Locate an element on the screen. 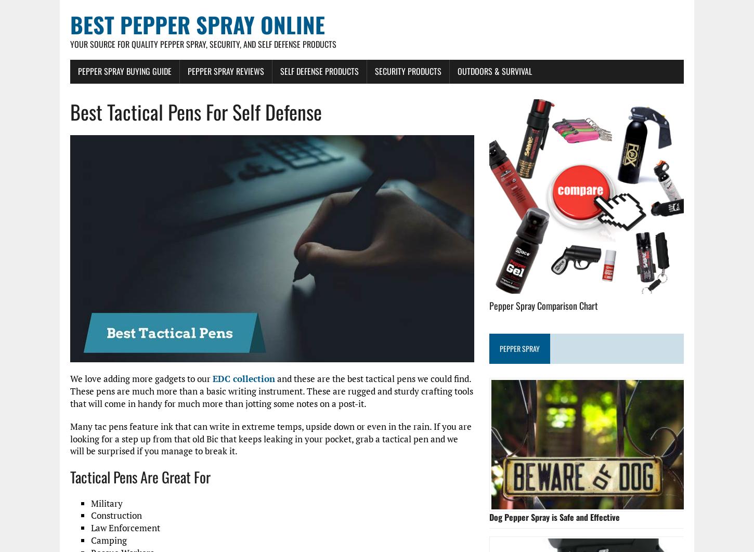  'Dog Pepper Spray is Safe and Effective' is located at coordinates (554, 516).